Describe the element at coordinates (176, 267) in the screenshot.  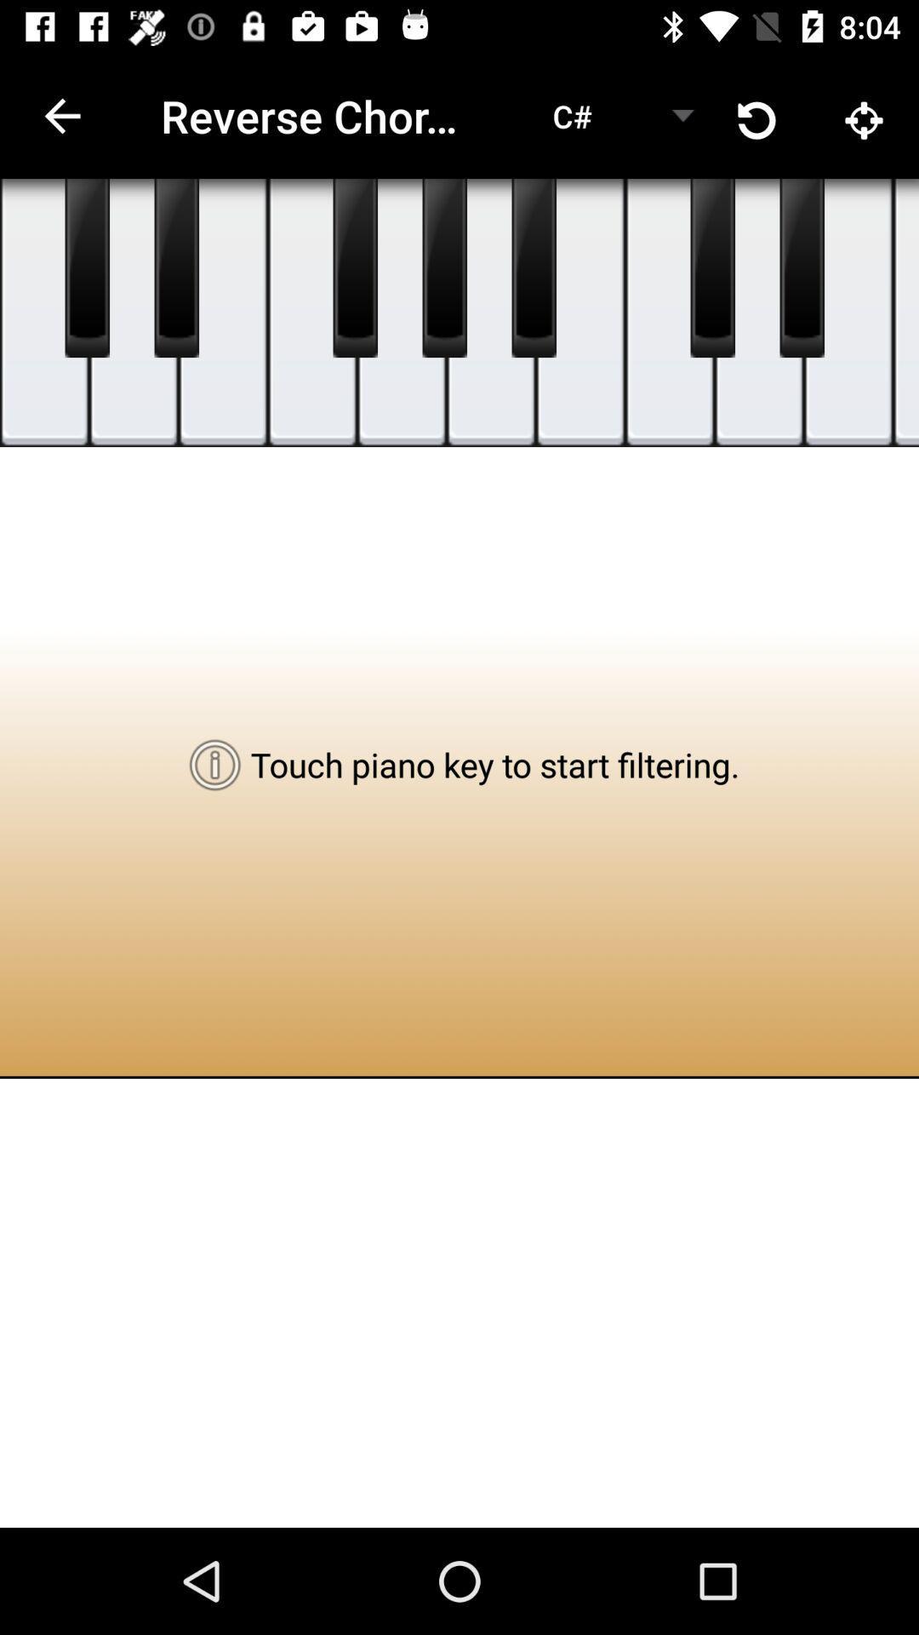
I see `go back` at that location.